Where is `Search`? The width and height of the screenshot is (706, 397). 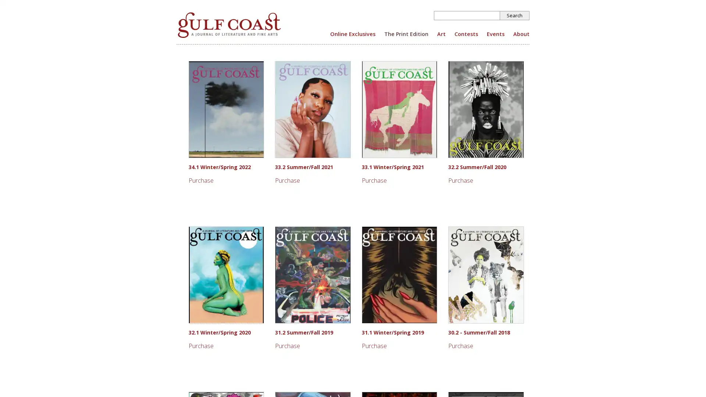
Search is located at coordinates (514, 15).